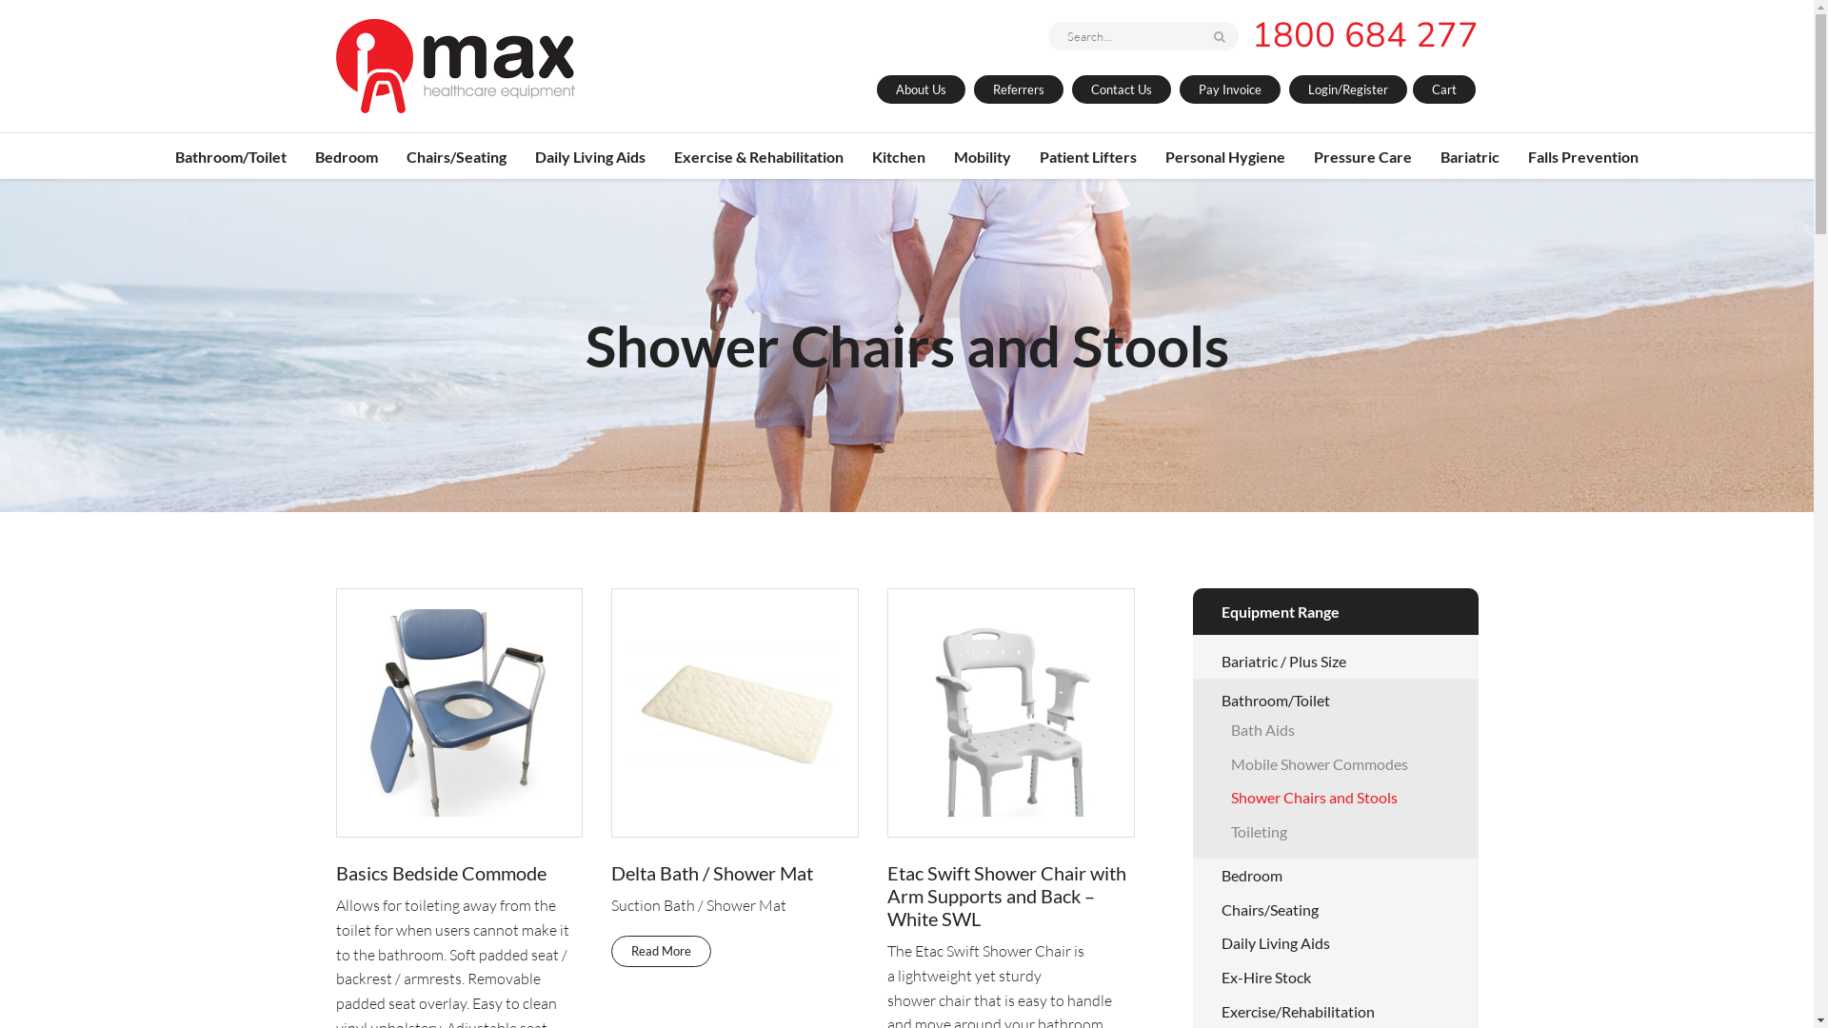 The height and width of the screenshot is (1028, 1828). I want to click on 'Cart', so click(1443, 89).